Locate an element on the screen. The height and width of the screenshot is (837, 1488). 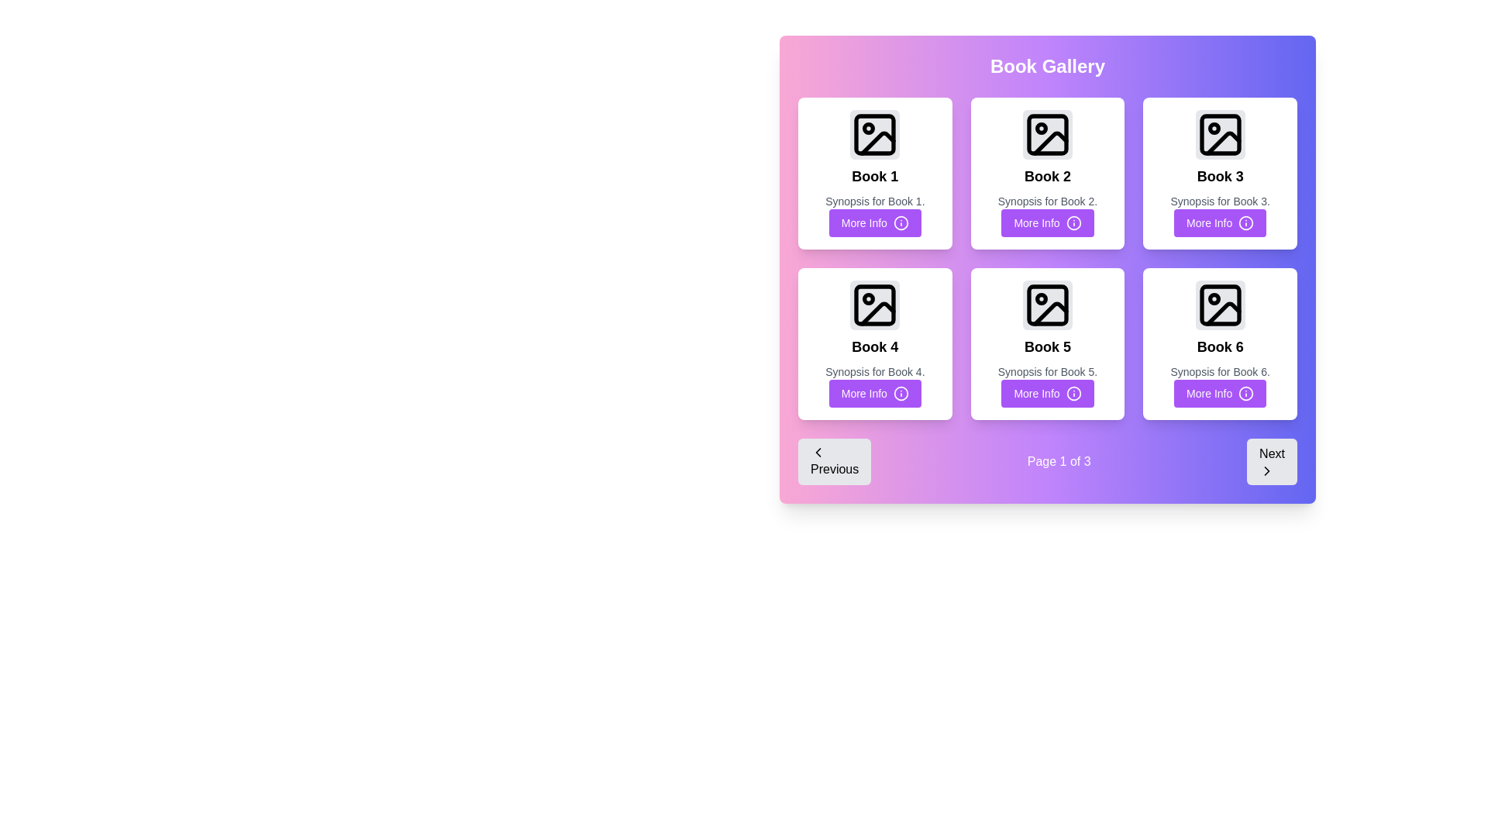
the Chevron Right icon located at the bottom-right corner of the 'Next' button to indicate navigation to the next page or section is located at coordinates (1267, 470).